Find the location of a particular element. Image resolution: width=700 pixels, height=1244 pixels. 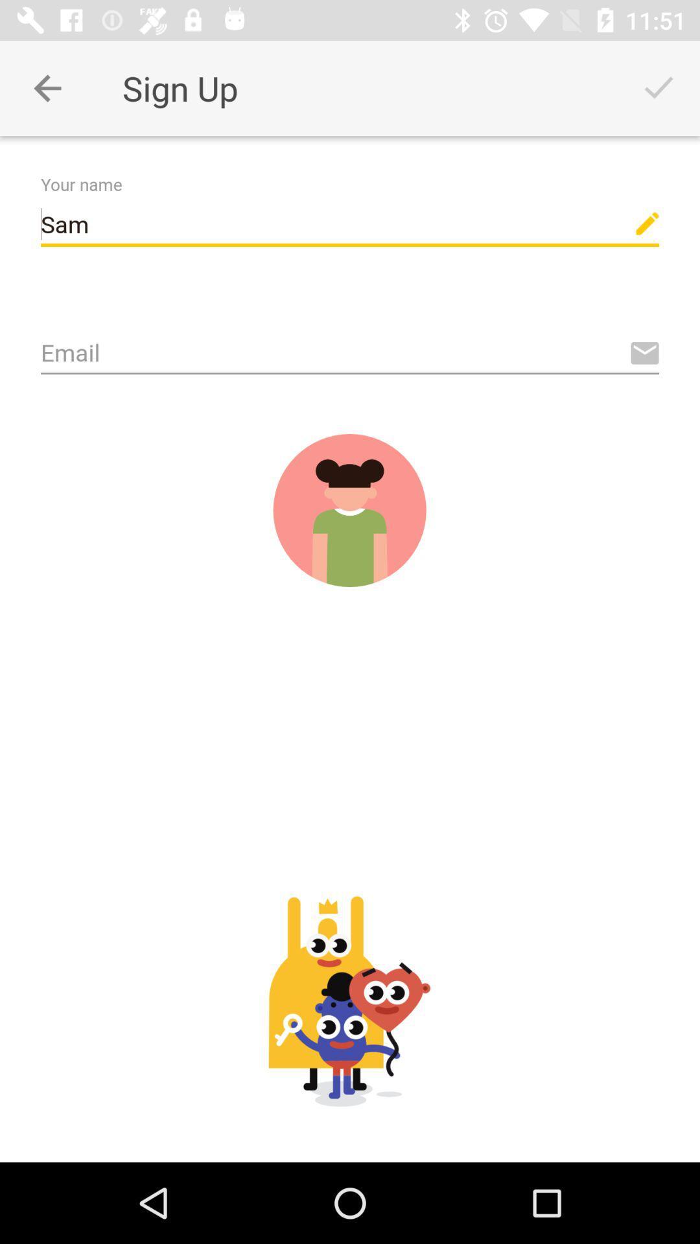

submit and sign up is located at coordinates (349, 509).